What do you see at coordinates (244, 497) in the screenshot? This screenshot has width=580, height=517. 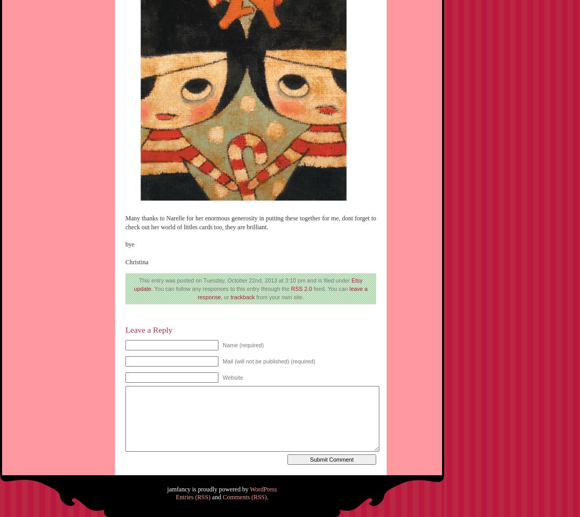 I see `'Comments (RSS)'` at bounding box center [244, 497].